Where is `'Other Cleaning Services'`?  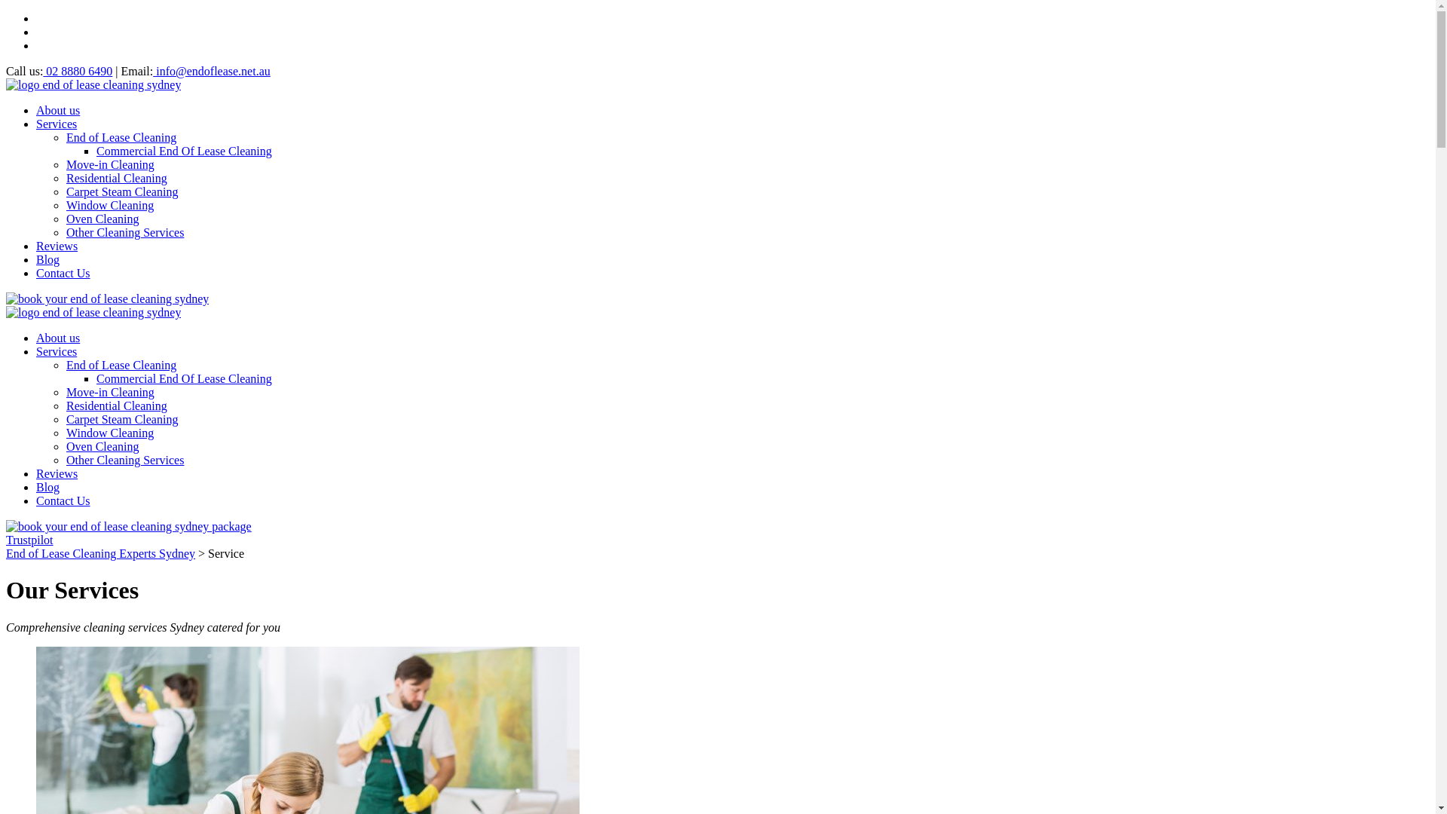 'Other Cleaning Services' is located at coordinates (125, 459).